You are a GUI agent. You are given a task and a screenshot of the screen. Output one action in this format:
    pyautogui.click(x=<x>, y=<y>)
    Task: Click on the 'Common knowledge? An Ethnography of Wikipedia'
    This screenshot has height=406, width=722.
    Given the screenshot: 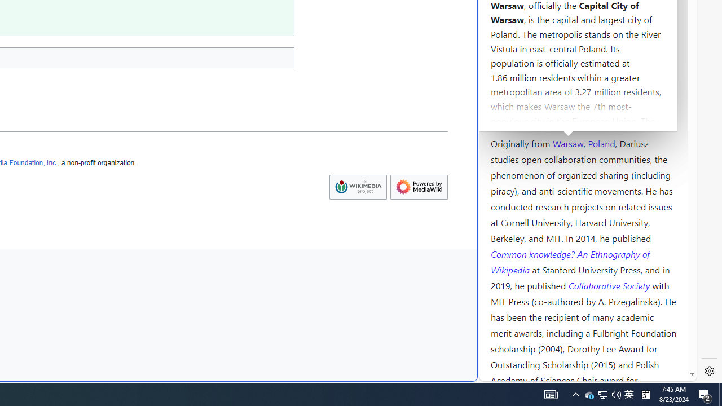 What is the action you would take?
    pyautogui.click(x=570, y=262)
    